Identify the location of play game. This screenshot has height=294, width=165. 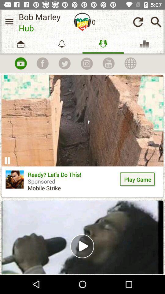
(138, 179).